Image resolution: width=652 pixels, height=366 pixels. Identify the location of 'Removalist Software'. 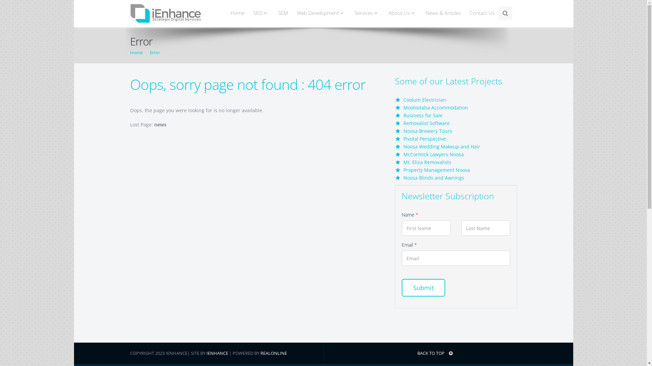
(426, 123).